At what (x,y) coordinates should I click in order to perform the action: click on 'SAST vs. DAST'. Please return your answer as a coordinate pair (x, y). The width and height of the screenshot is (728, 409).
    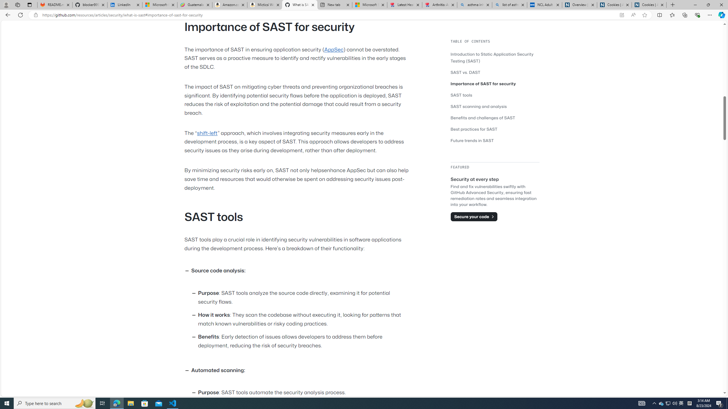
    Looking at the image, I should click on (495, 72).